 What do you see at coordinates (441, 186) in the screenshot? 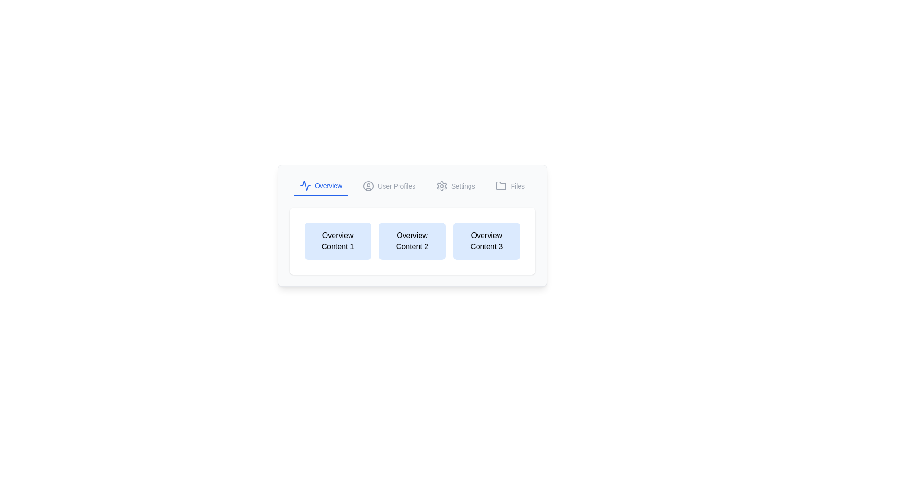
I see `the gear-like icon in the horizontal navigation bar, located between the 'User Profiles' icon and the 'Files' icon` at bounding box center [441, 186].